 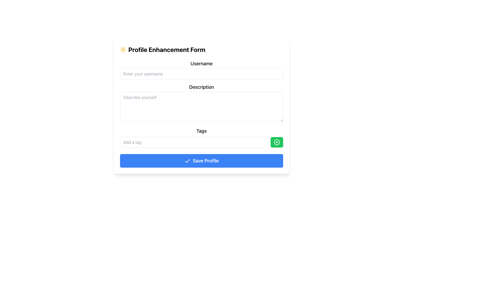 I want to click on the confirm button located to the immediate right of the 'Add a tag' input field in the 'Tags' section, so click(x=277, y=142).